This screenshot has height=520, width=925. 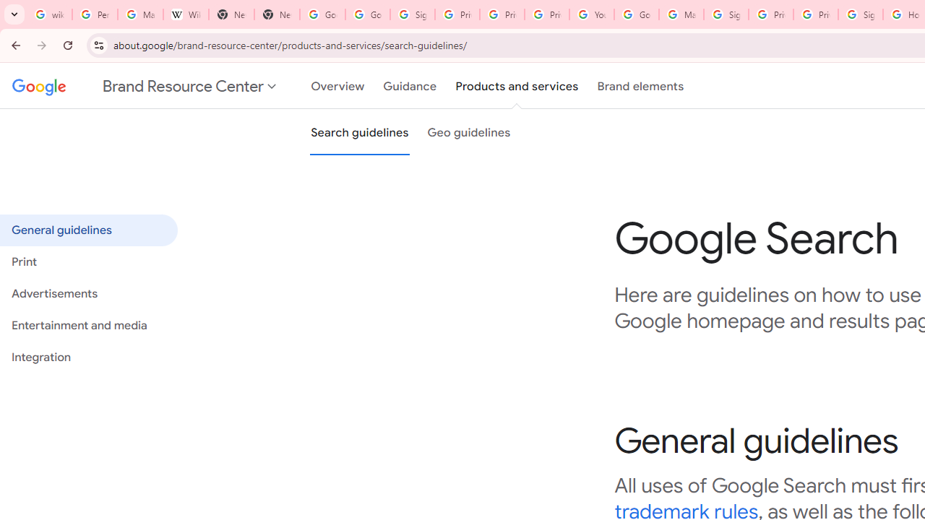 I want to click on 'Google Drive: Sign-in', so click(x=367, y=14).